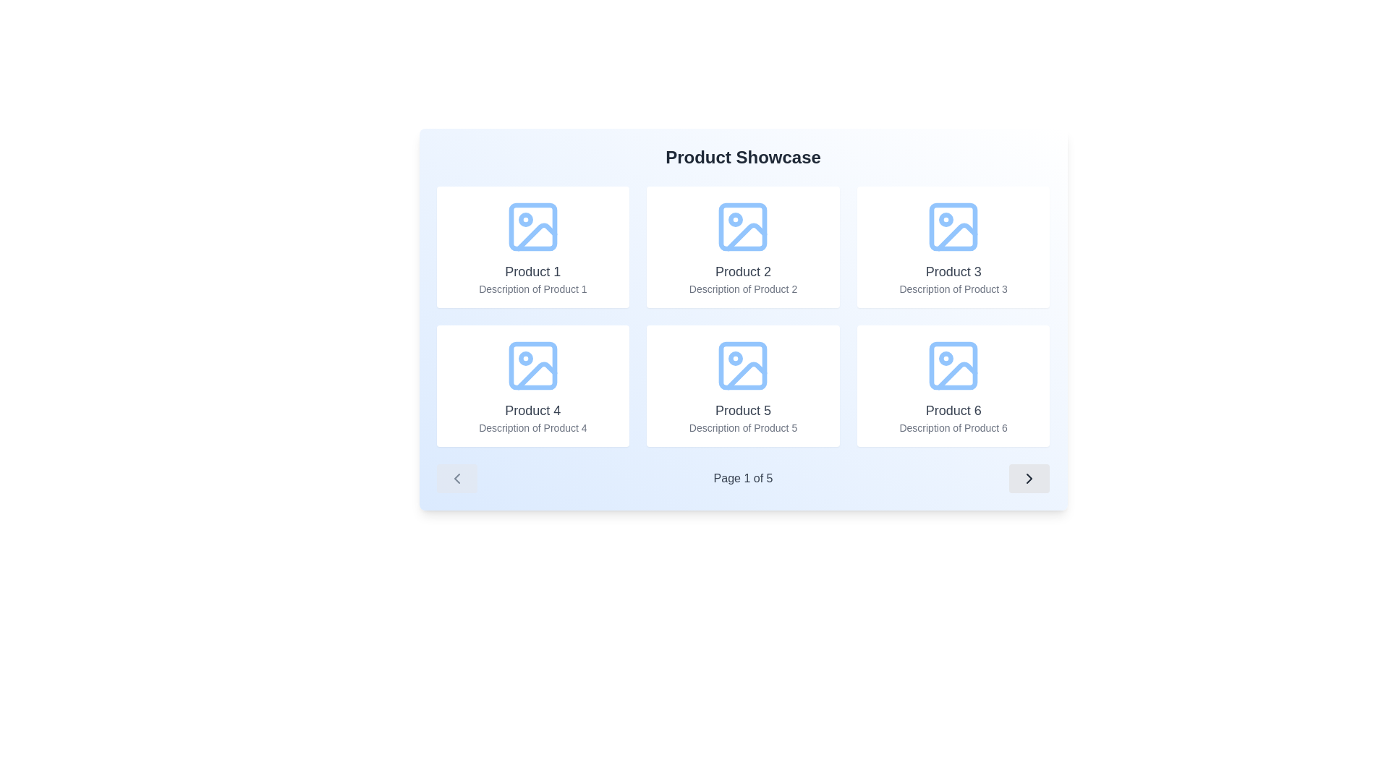 The image size is (1389, 781). Describe the element at coordinates (743, 158) in the screenshot. I see `the bold title 'Product Showcase' that is displayed in the center of the interface at the top of the product section` at that location.